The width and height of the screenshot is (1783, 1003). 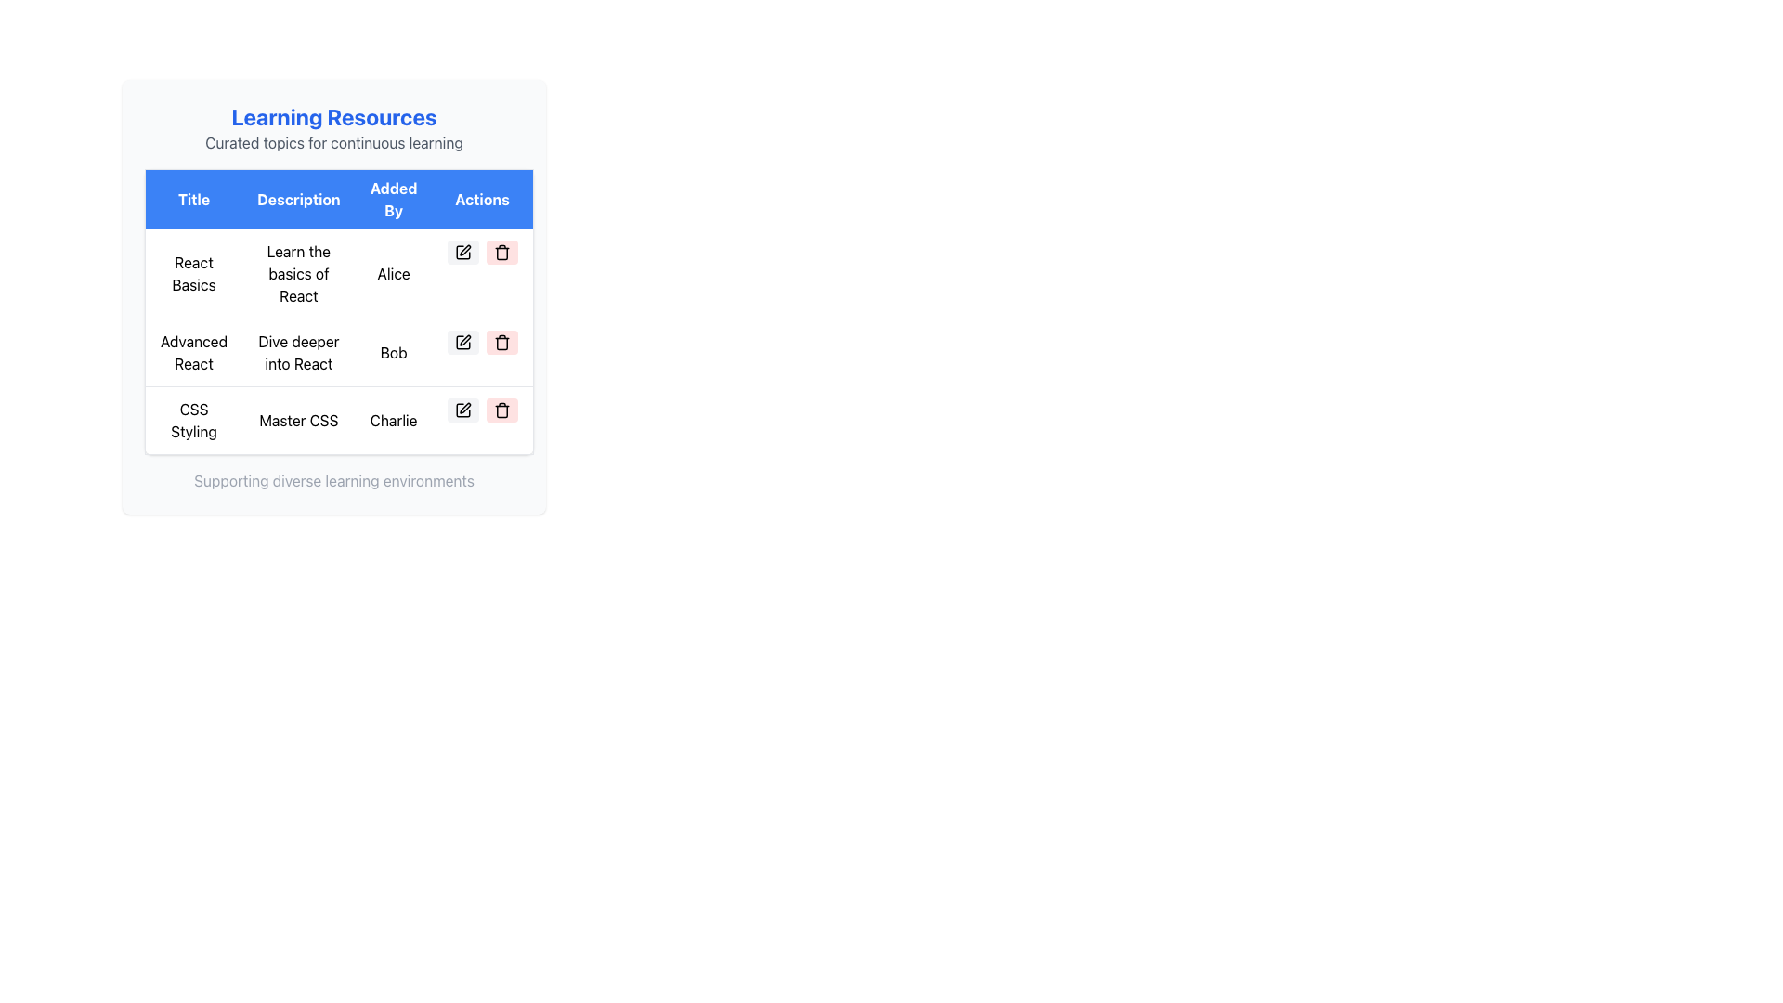 I want to click on the Text Label displaying 'Learn the basics of React' within the learning resources section, so click(x=298, y=274).